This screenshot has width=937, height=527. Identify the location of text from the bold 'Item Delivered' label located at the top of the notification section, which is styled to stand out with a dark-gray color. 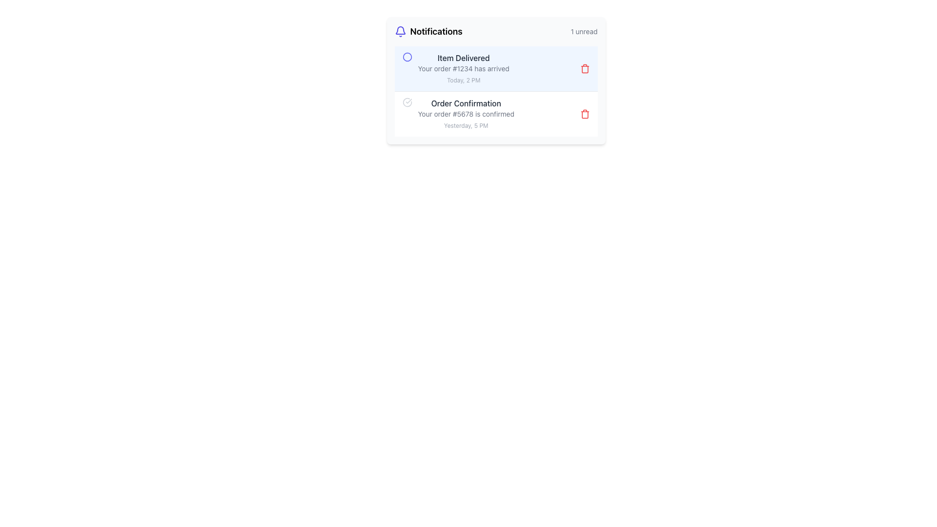
(463, 58).